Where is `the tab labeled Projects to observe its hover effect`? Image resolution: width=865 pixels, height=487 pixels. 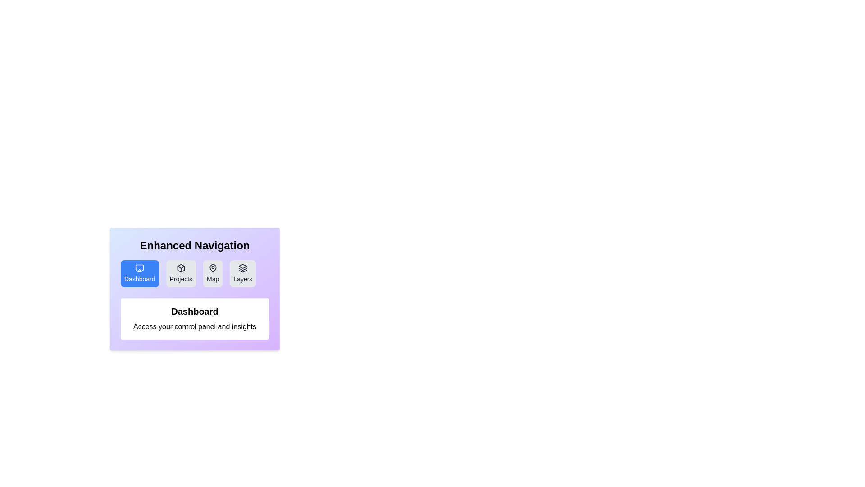 the tab labeled Projects to observe its hover effect is located at coordinates (180, 273).